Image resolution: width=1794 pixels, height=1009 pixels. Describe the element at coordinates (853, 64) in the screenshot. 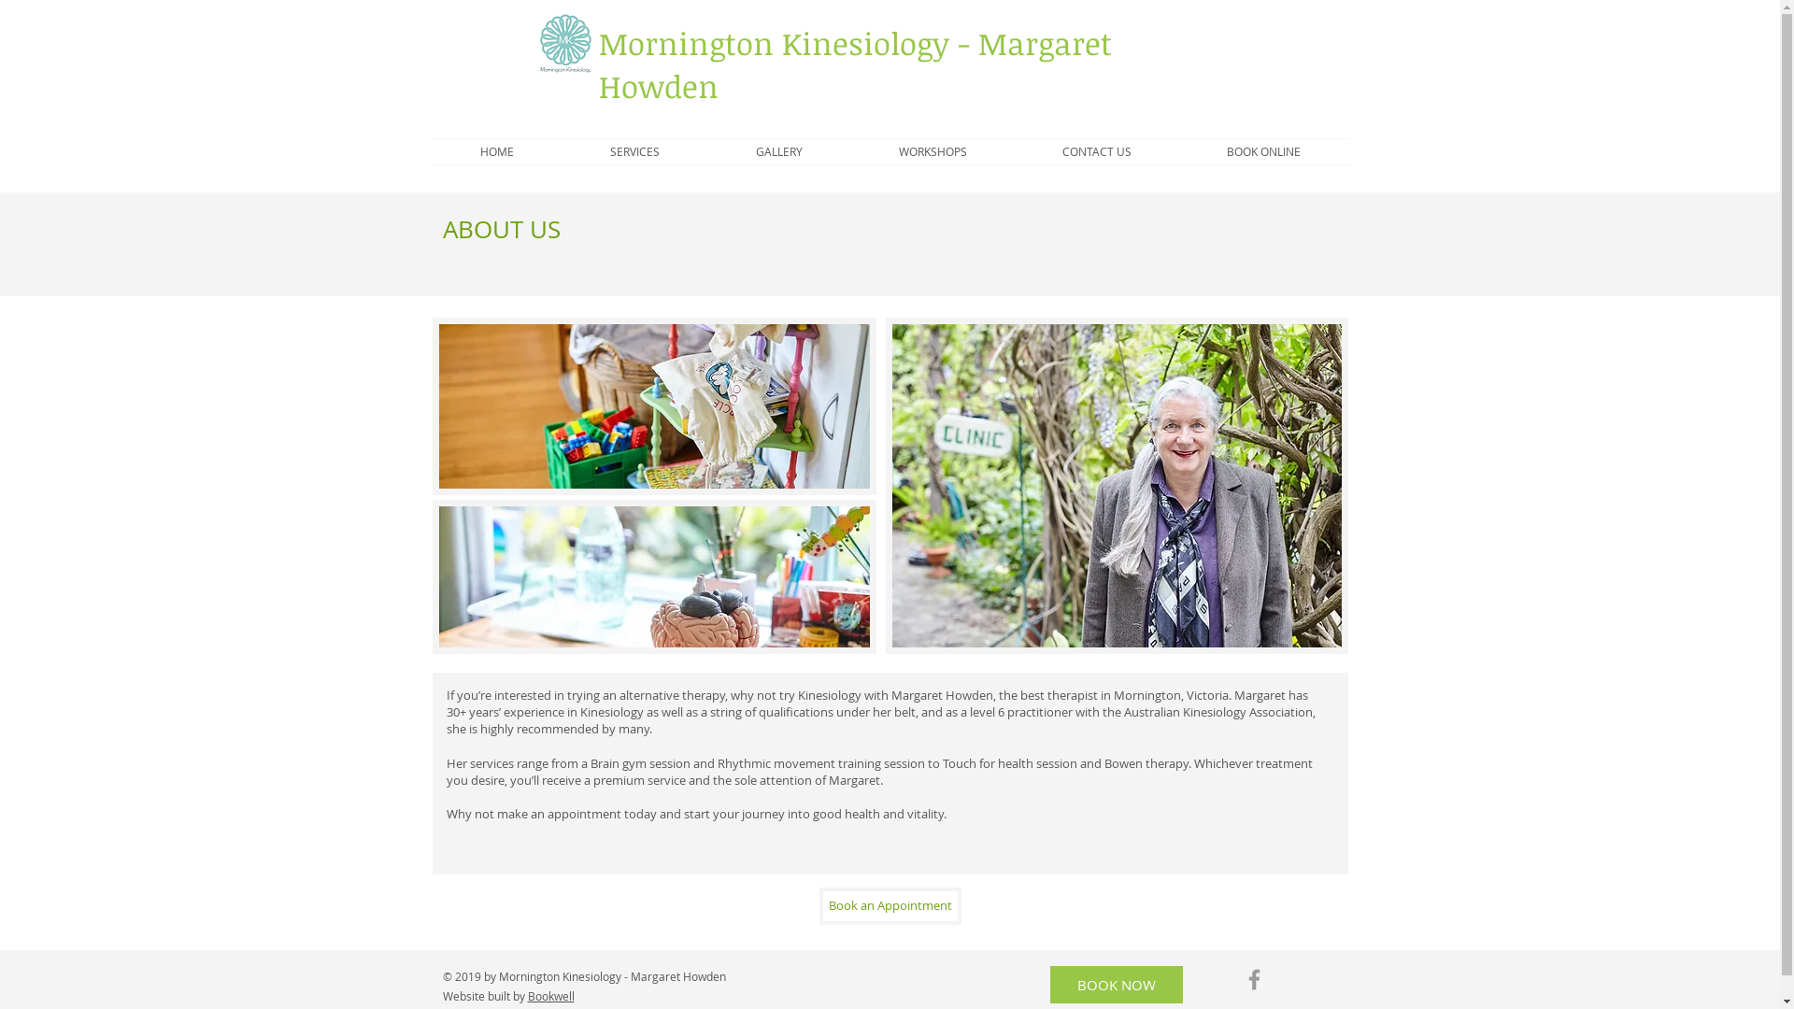

I see `'Mornington Kinesiology - Margaret Howden'` at that location.